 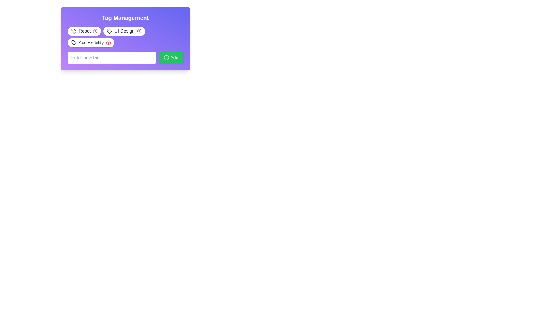 I want to click on the Icon button with a red circular arrow located to the far right of the 'React' tag, so click(x=95, y=31).